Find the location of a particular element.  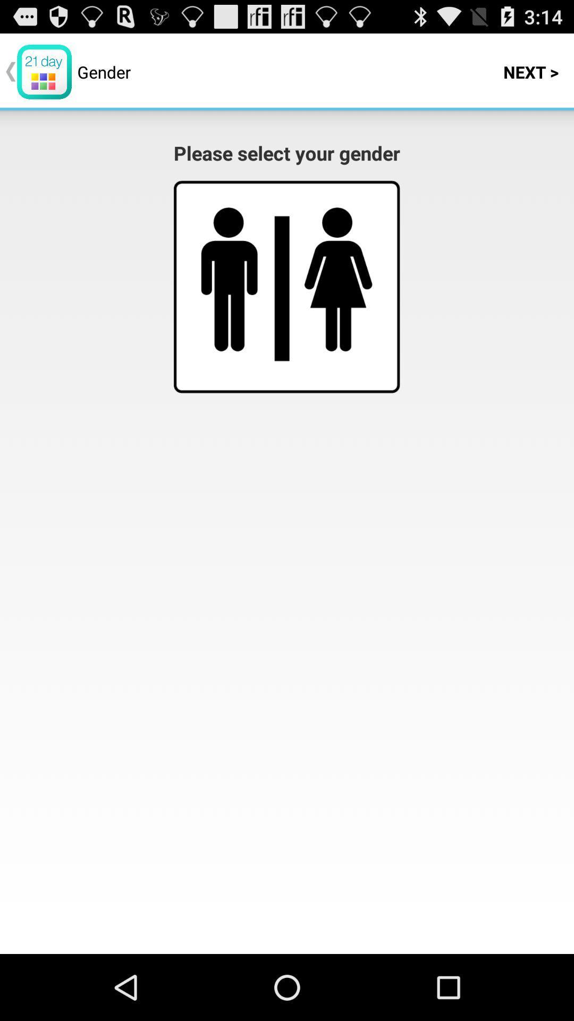

gender option is located at coordinates (338, 279).